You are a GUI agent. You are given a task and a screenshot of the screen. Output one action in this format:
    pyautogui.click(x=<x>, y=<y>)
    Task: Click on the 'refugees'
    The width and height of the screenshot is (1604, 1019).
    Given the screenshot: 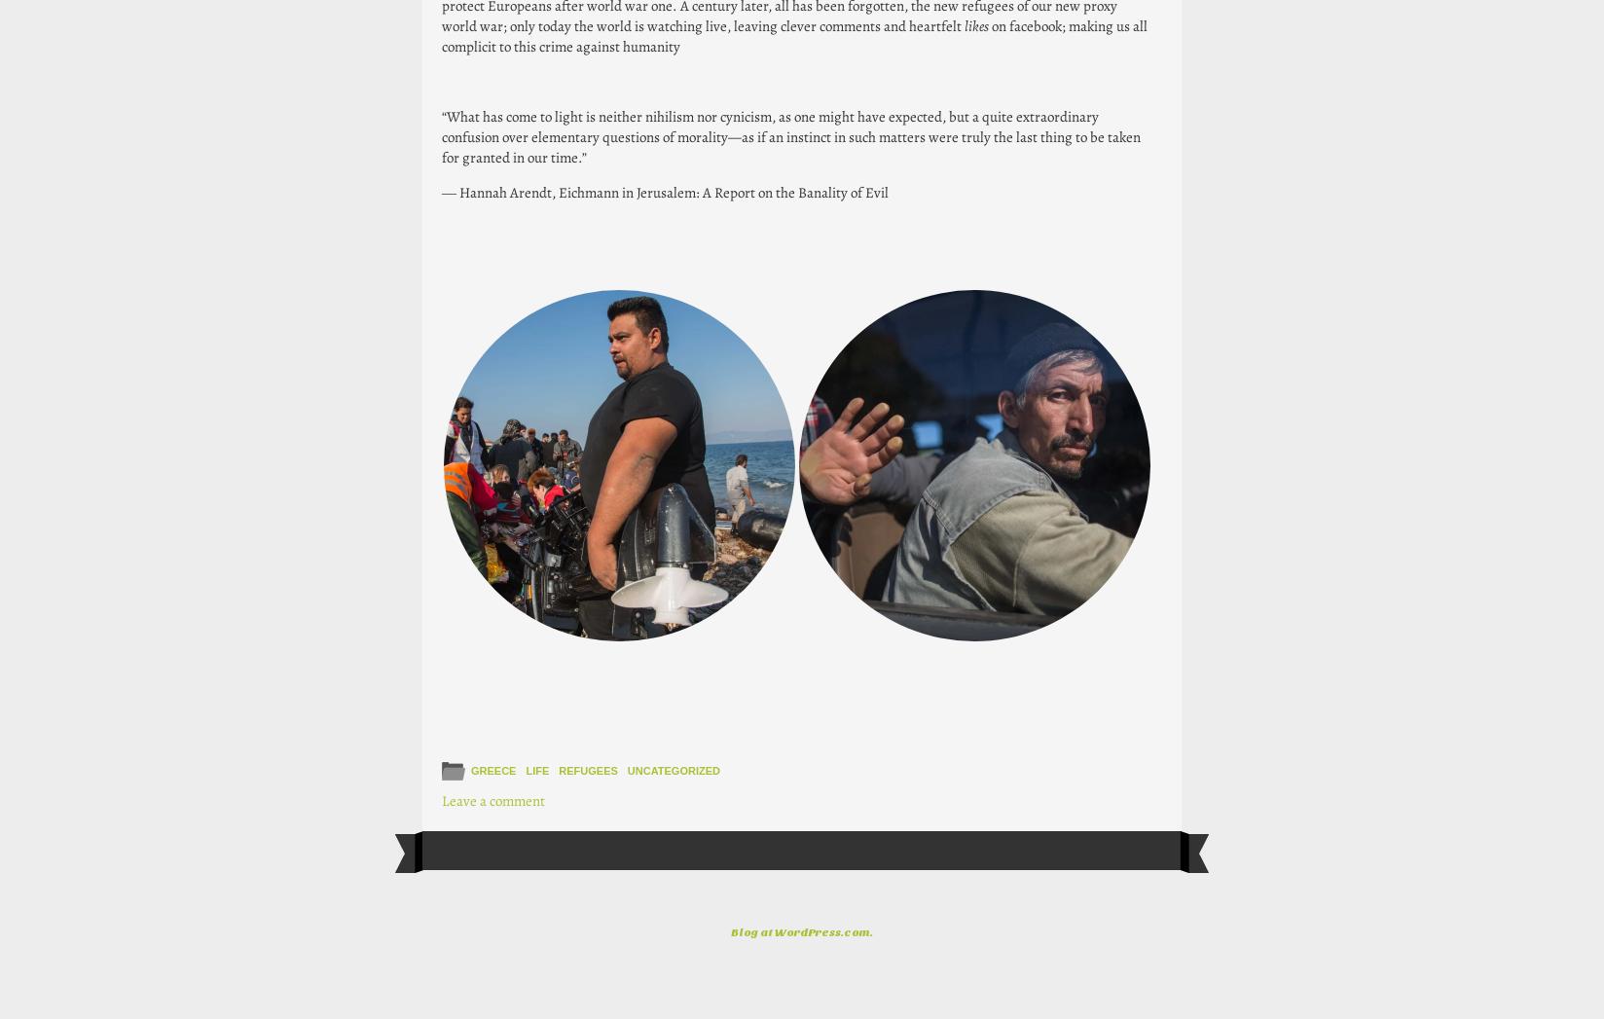 What is the action you would take?
    pyautogui.click(x=587, y=769)
    